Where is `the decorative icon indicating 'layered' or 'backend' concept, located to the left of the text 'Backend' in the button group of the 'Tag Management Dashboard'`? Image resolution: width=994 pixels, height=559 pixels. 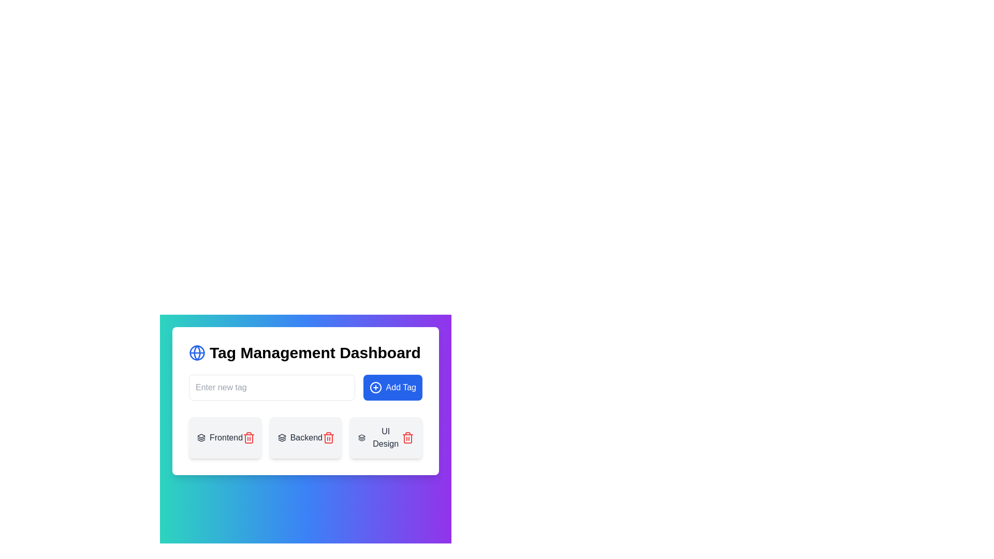
the decorative icon indicating 'layered' or 'backend' concept, located to the left of the text 'Backend' in the button group of the 'Tag Management Dashboard' is located at coordinates (282, 437).